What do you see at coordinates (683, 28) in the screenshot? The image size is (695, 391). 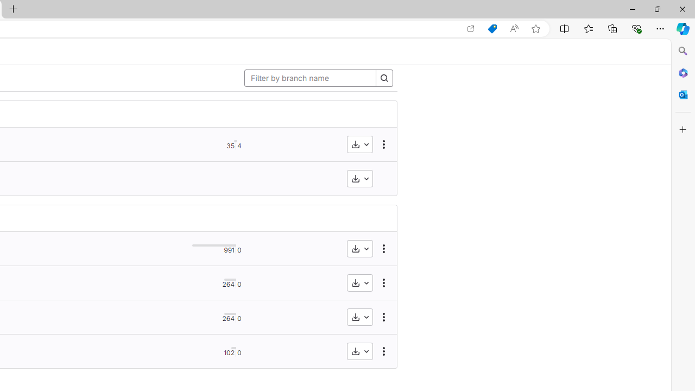 I see `'Copilot (Ctrl+Shift+.)'` at bounding box center [683, 28].